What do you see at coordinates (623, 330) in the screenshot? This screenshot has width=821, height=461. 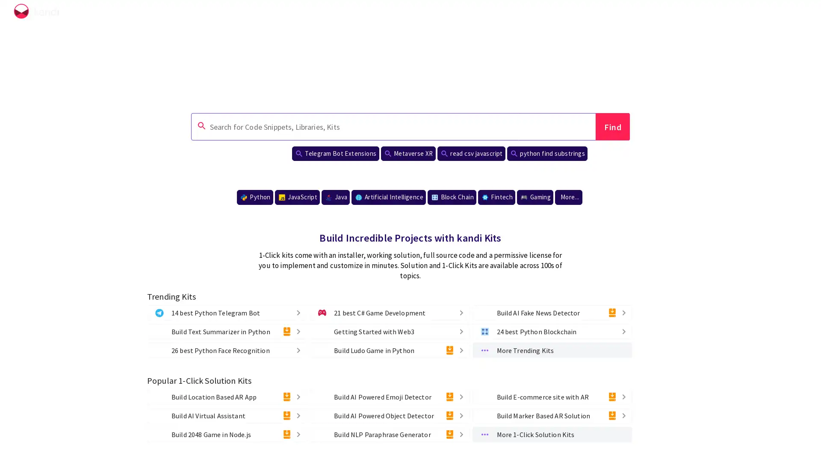 I see `delete` at bounding box center [623, 330].